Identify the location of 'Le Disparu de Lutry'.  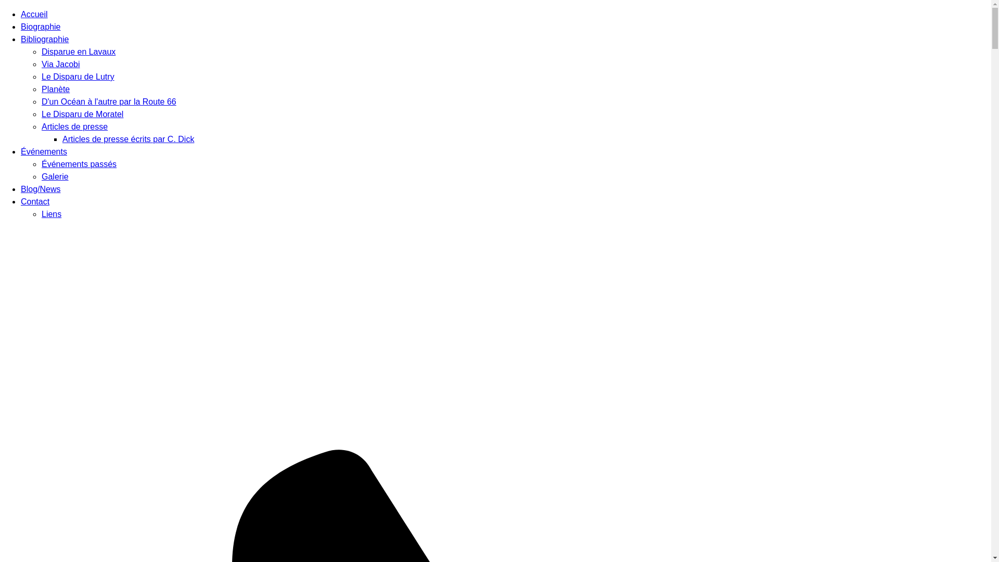
(77, 76).